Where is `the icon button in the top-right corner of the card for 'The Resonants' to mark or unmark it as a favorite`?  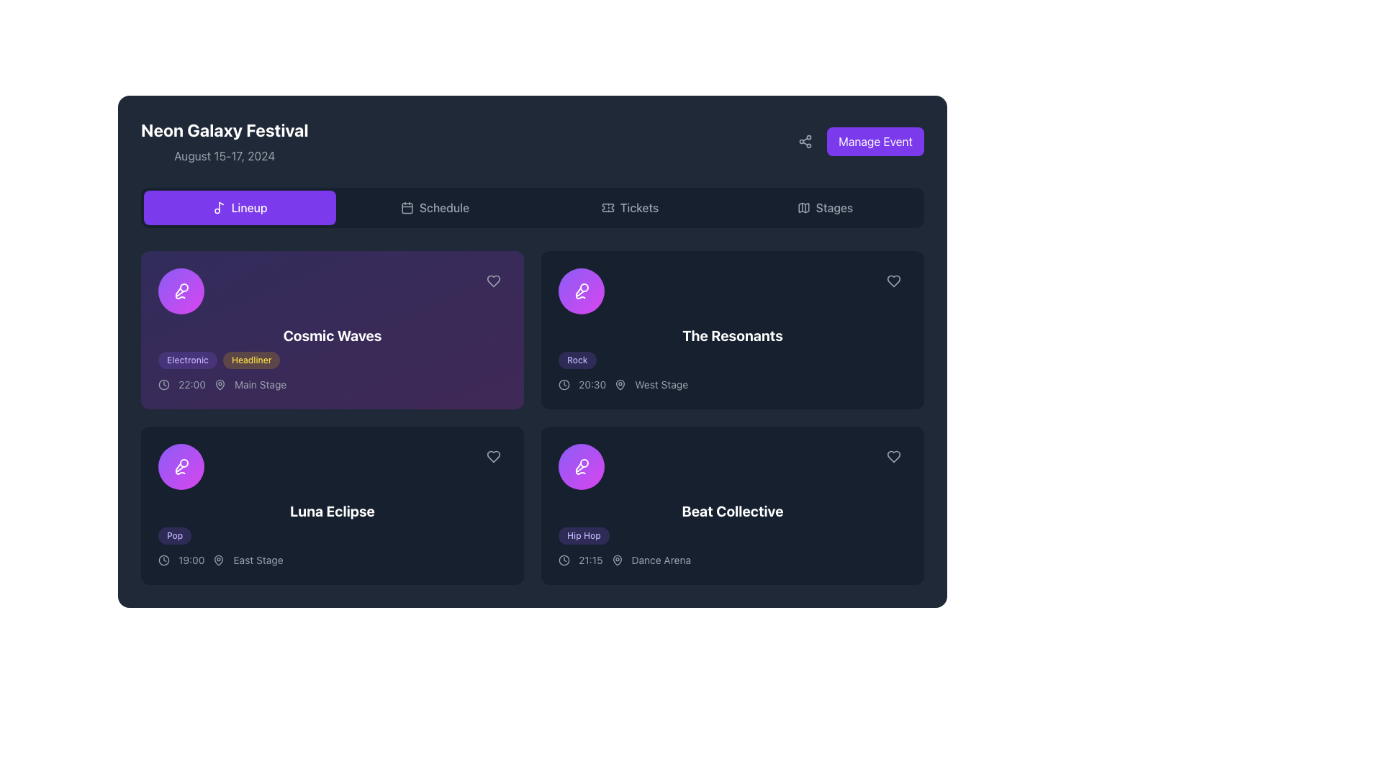 the icon button in the top-right corner of the card for 'The Resonants' to mark or unmark it as a favorite is located at coordinates (893, 281).